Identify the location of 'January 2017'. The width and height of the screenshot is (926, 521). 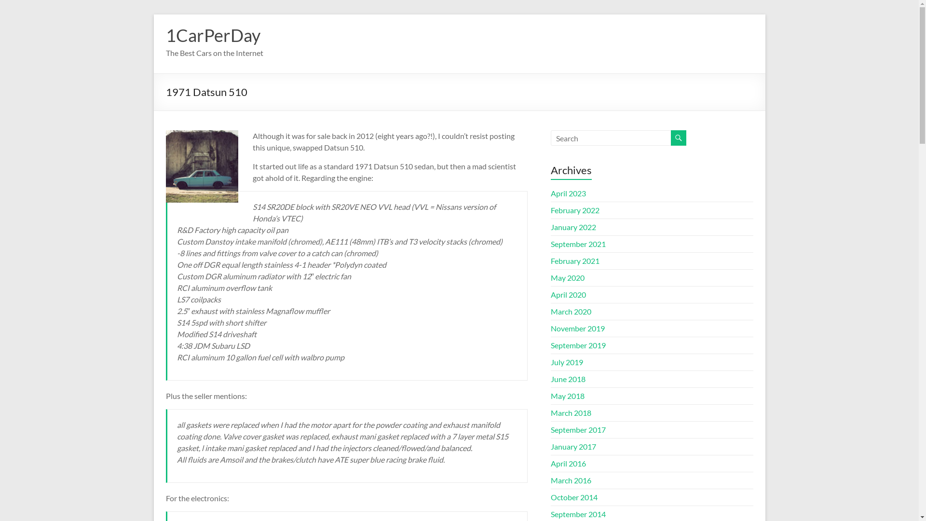
(551, 446).